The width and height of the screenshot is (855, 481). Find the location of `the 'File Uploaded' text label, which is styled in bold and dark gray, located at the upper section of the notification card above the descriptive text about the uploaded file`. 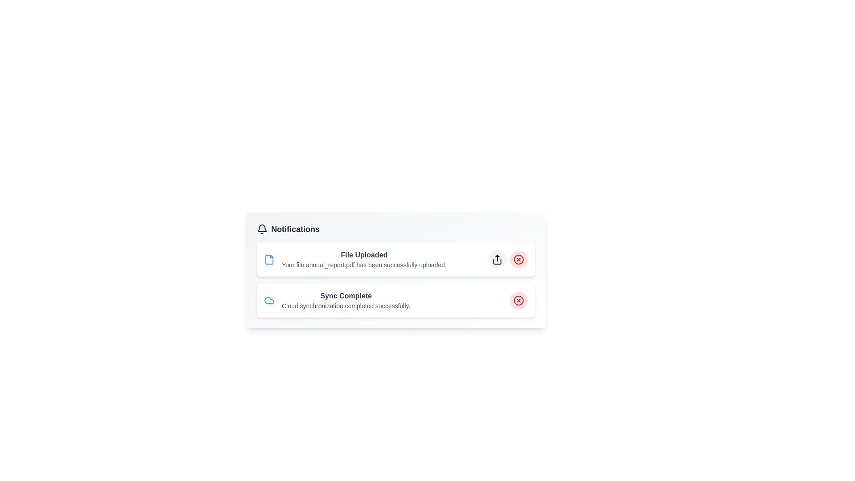

the 'File Uploaded' text label, which is styled in bold and dark gray, located at the upper section of the notification card above the descriptive text about the uploaded file is located at coordinates (364, 255).